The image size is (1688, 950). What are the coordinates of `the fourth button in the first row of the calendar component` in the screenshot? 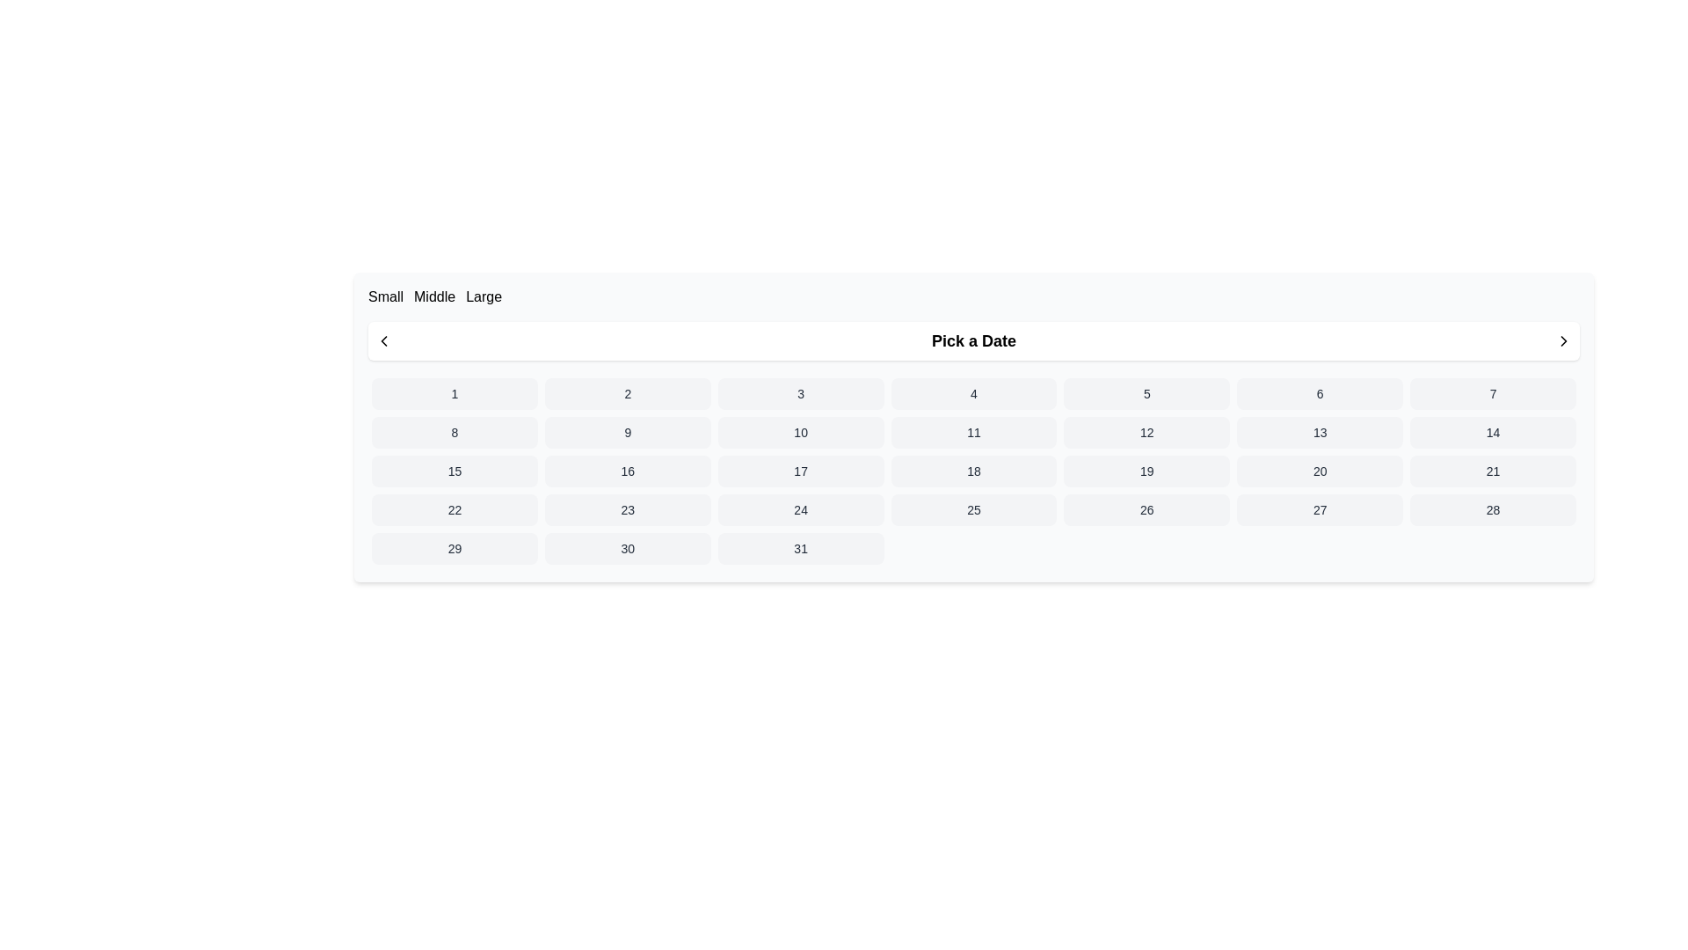 It's located at (973, 392).